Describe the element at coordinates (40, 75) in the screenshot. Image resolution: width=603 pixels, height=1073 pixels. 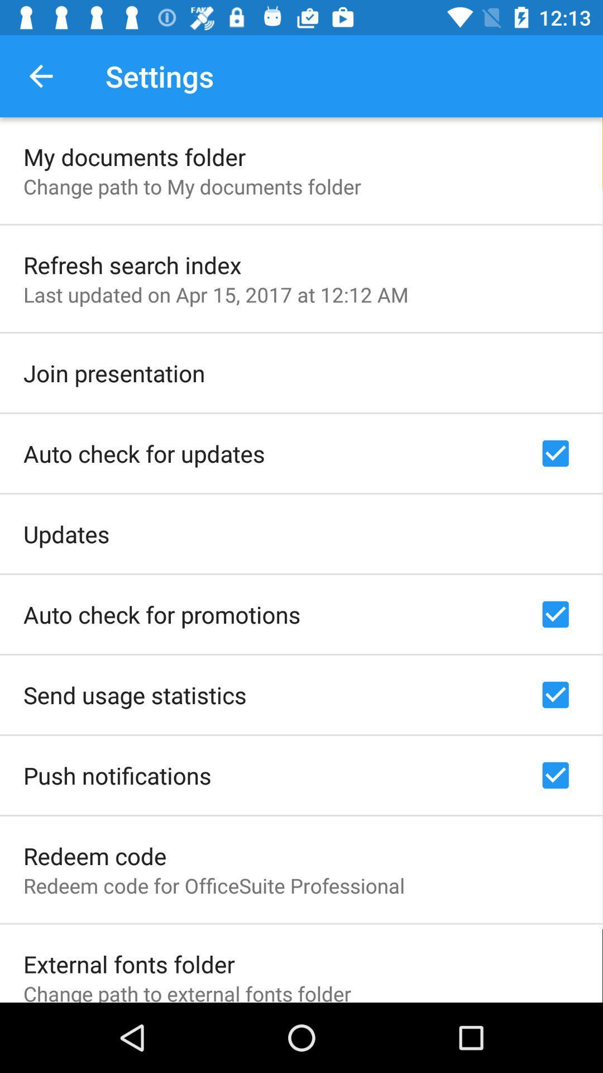
I see `app next to the settings item` at that location.